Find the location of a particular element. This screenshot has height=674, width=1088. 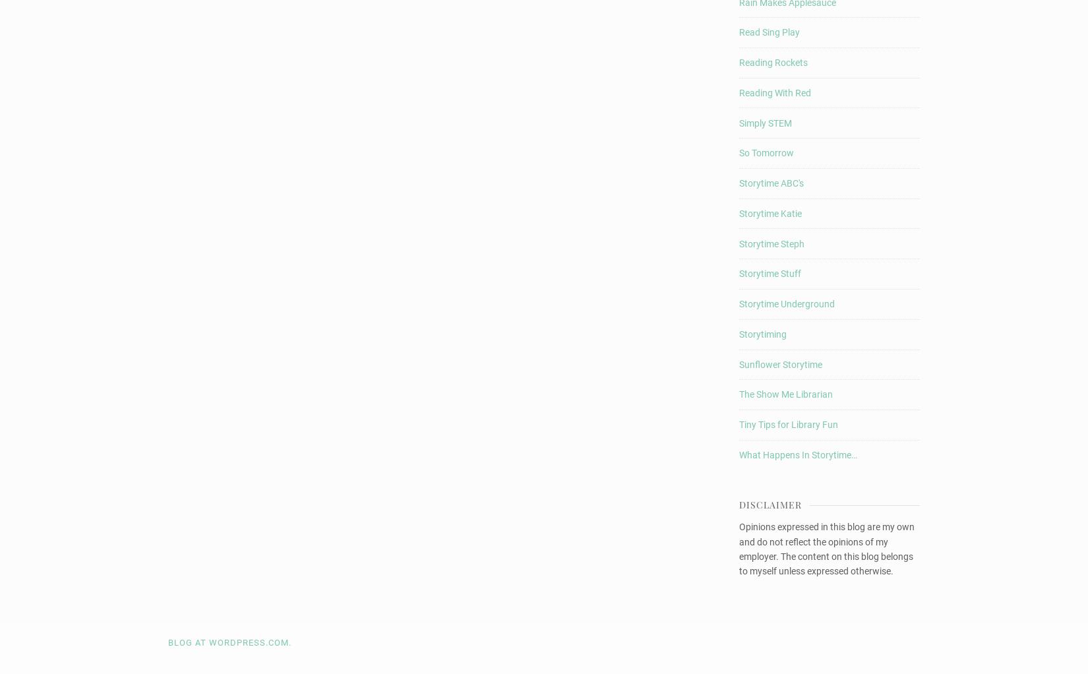

'Reading With Red' is located at coordinates (775, 92).